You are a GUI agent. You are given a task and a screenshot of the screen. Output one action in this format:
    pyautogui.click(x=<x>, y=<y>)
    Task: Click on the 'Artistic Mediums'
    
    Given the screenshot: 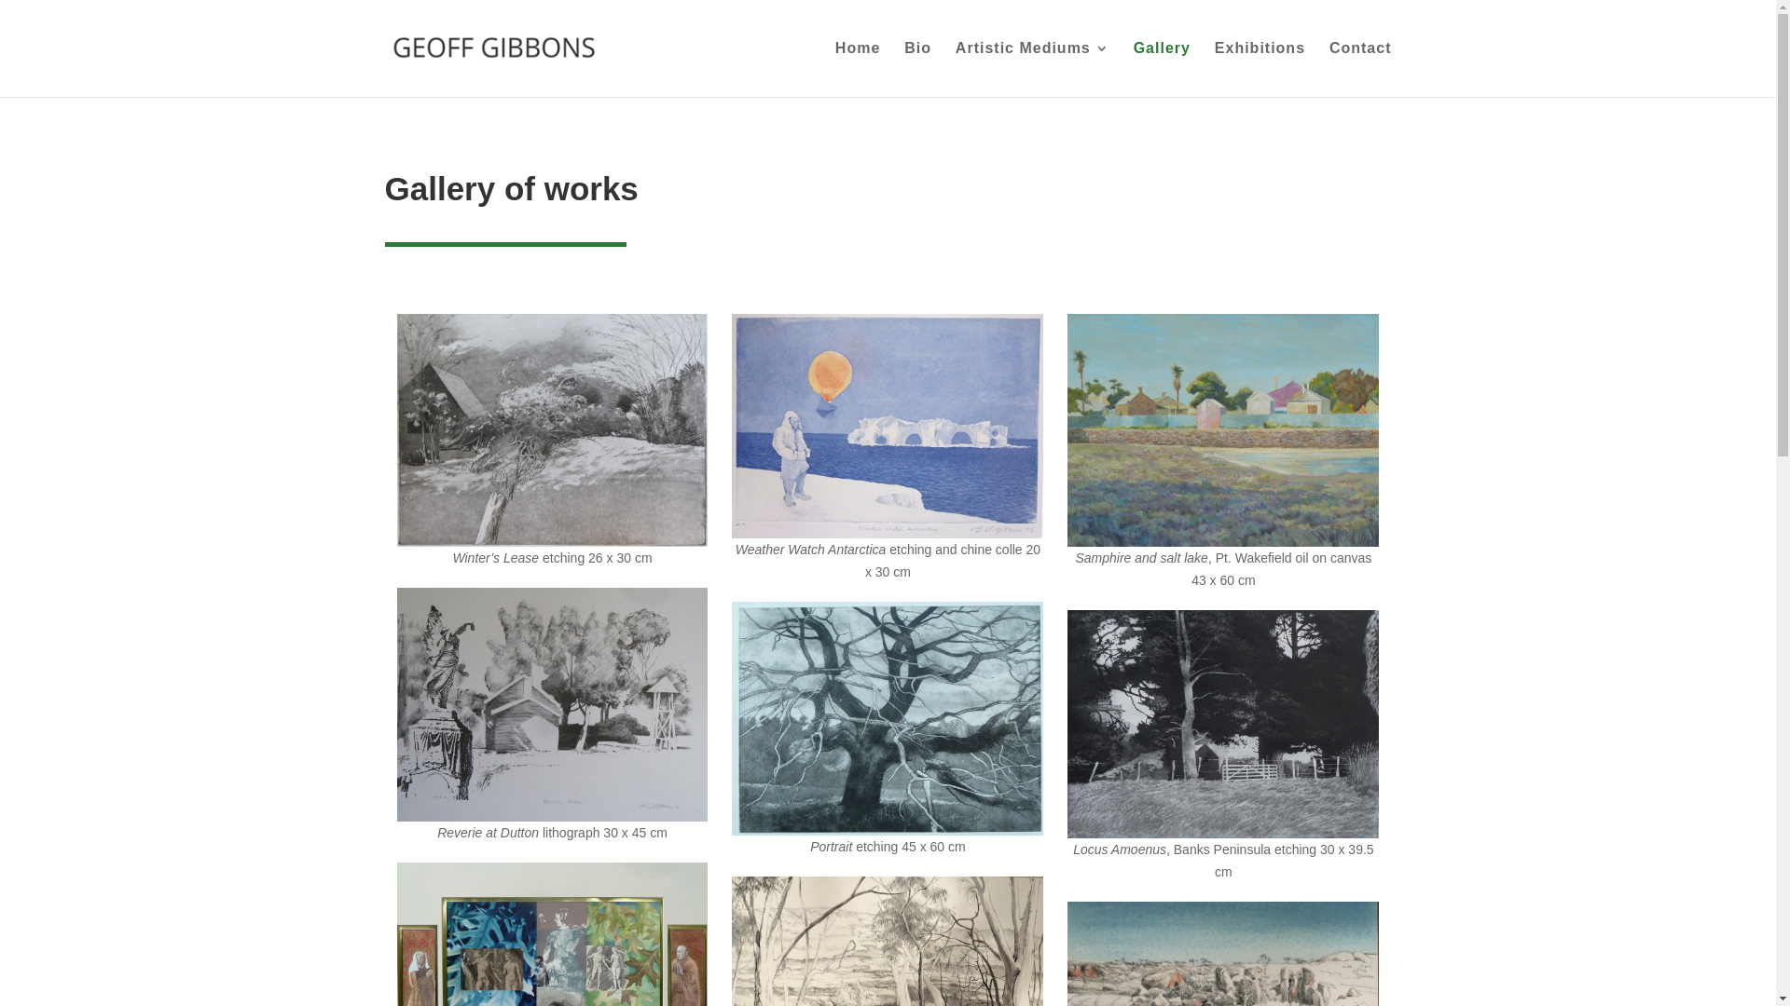 What is the action you would take?
    pyautogui.click(x=1031, y=68)
    